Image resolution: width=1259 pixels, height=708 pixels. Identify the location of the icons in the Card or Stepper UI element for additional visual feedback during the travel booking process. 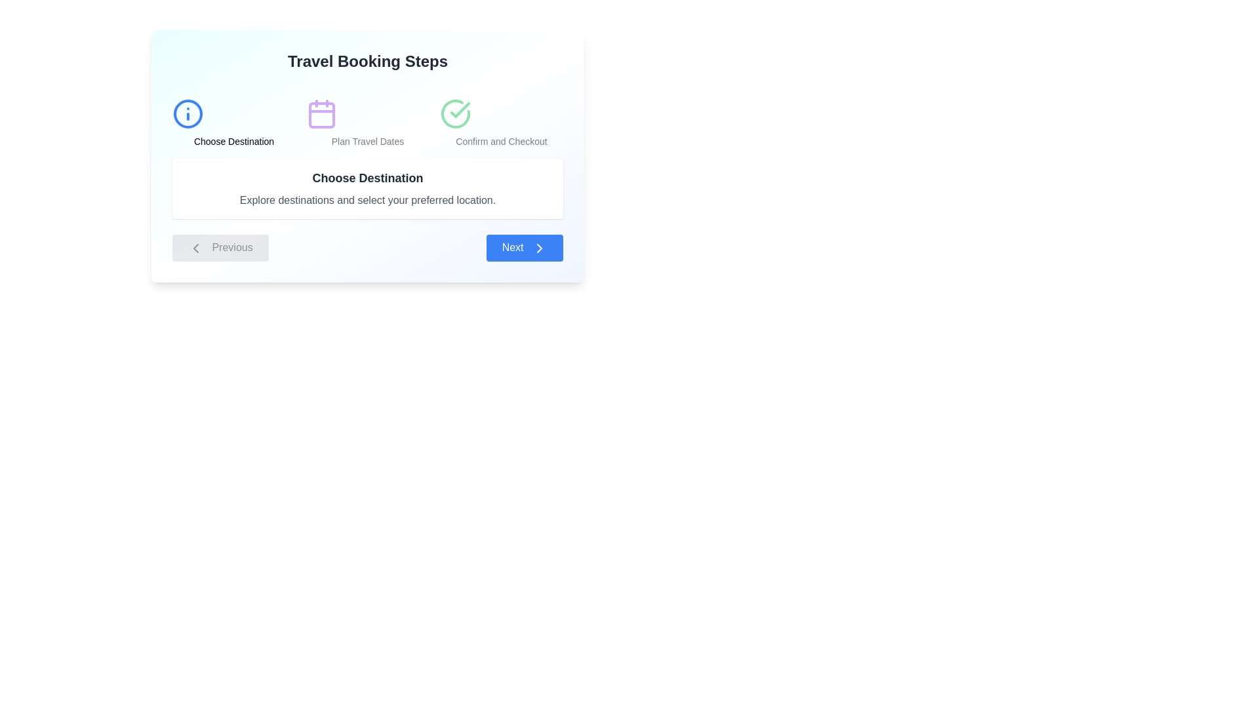
(367, 155).